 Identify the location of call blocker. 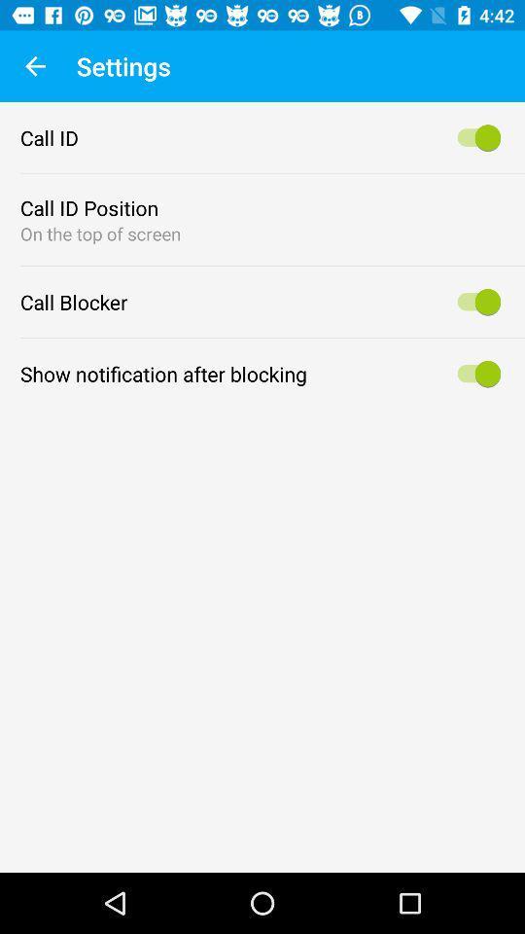
(474, 302).